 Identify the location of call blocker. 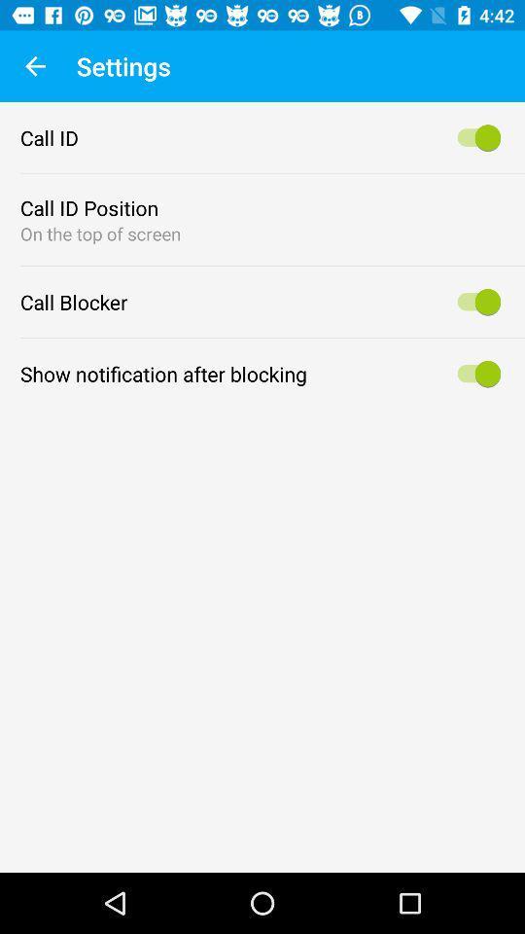
(474, 302).